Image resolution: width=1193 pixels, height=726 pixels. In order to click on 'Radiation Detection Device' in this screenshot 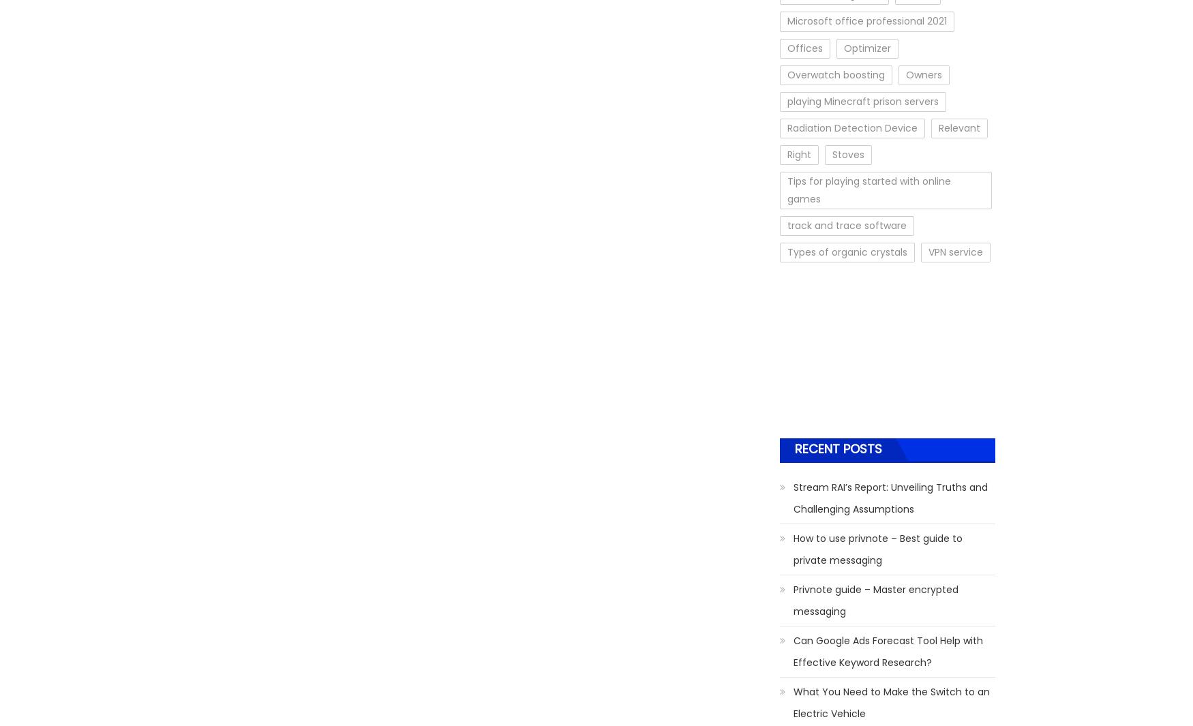, I will do `click(852, 127)`.